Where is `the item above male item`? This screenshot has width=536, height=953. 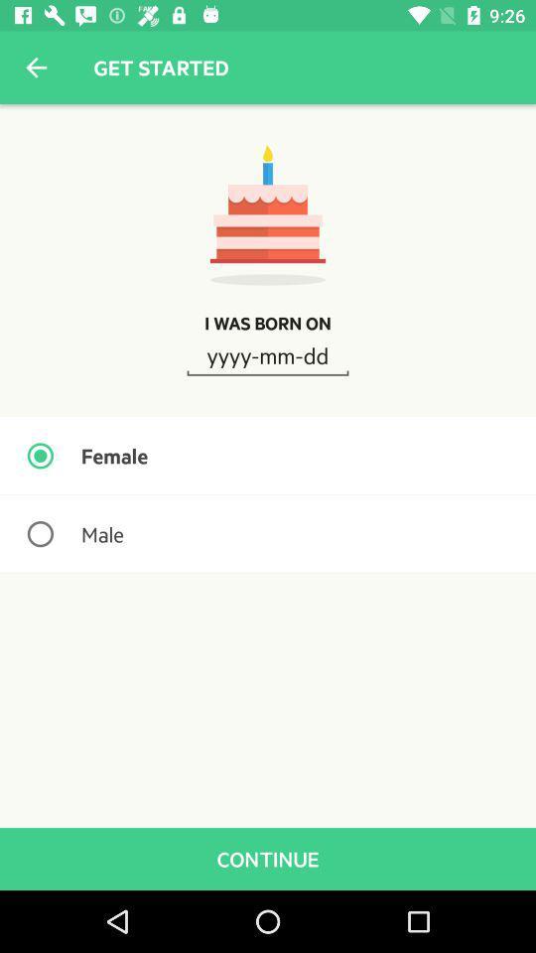
the item above male item is located at coordinates (268, 456).